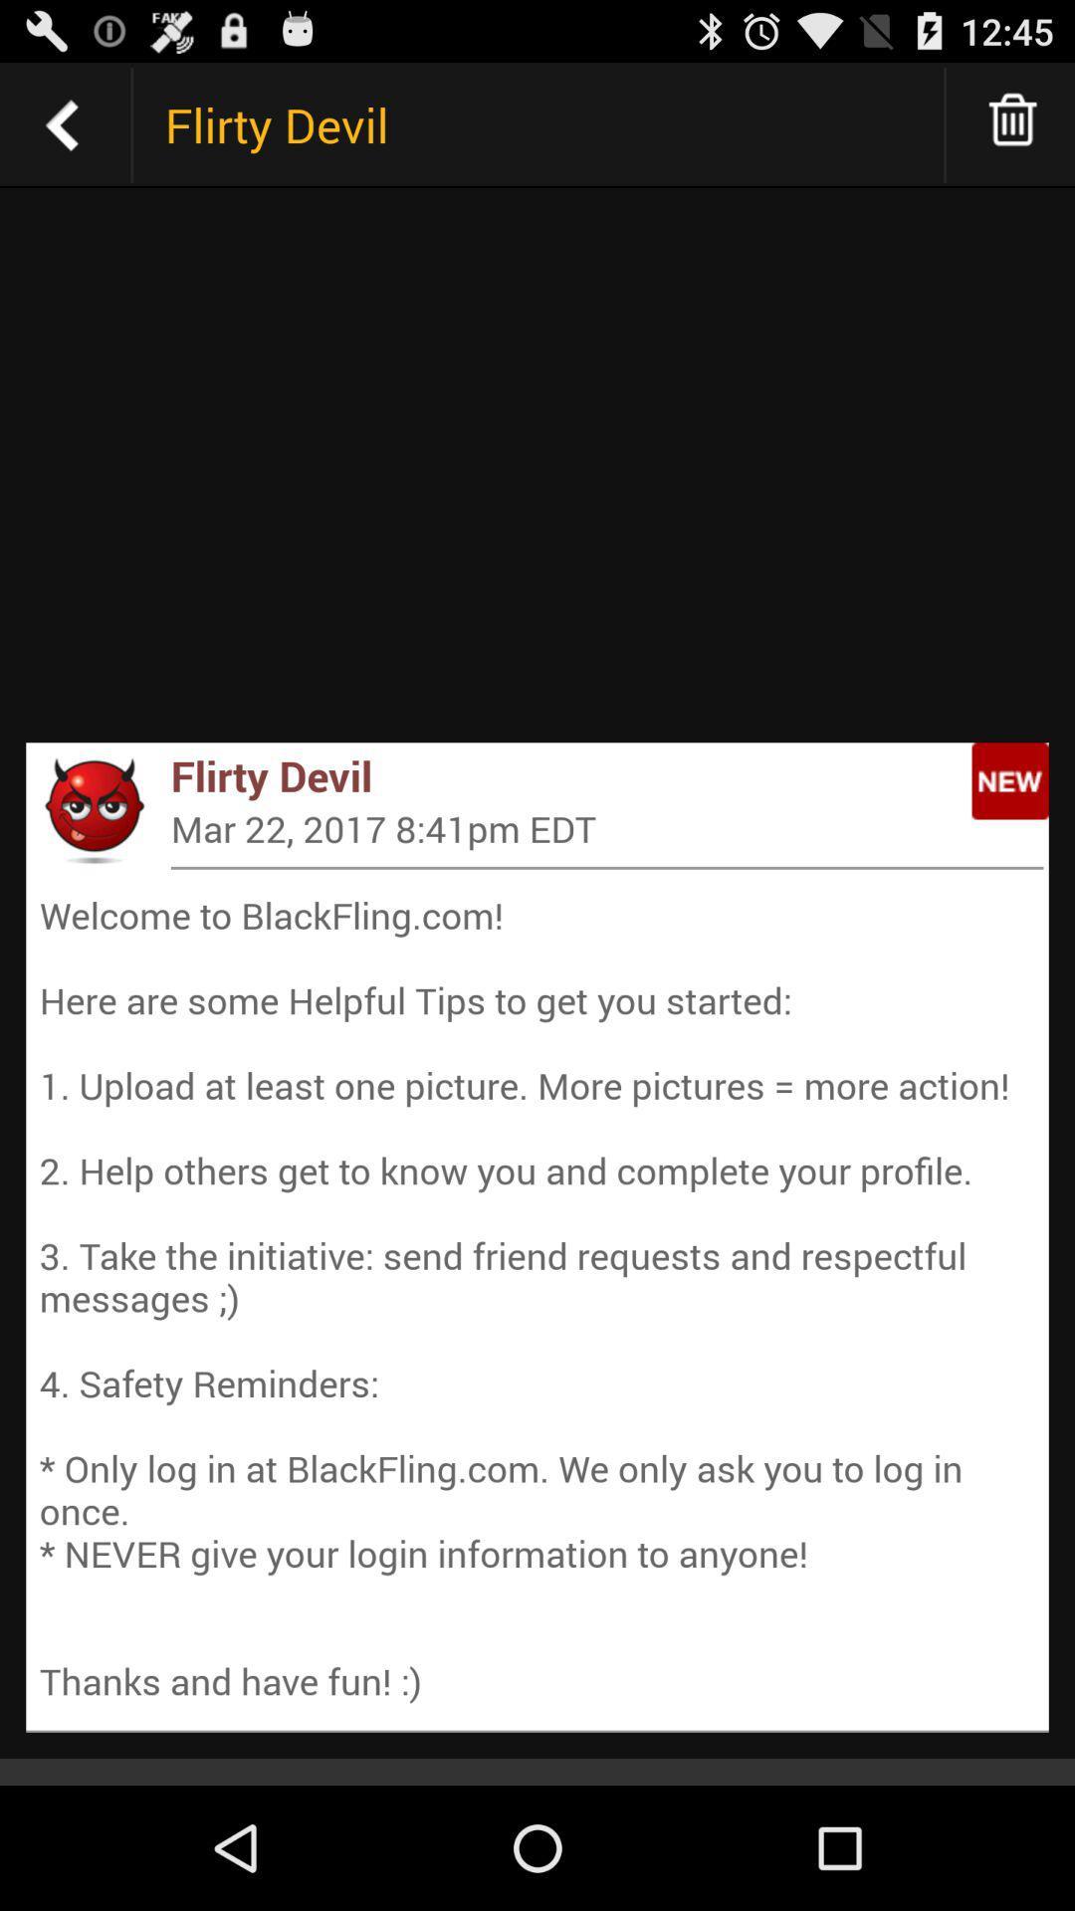 The height and width of the screenshot is (1911, 1075). Describe the element at coordinates (606, 868) in the screenshot. I see `the icon above welcome to blackfling app` at that location.